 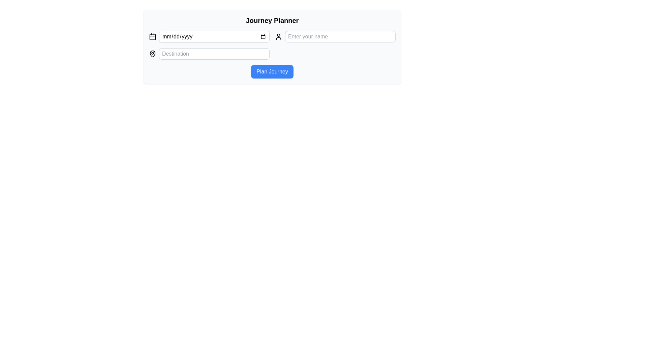 I want to click on the journey planning button located below the 'Destination' text input field in the 'Journey Planner' module, so click(x=272, y=71).